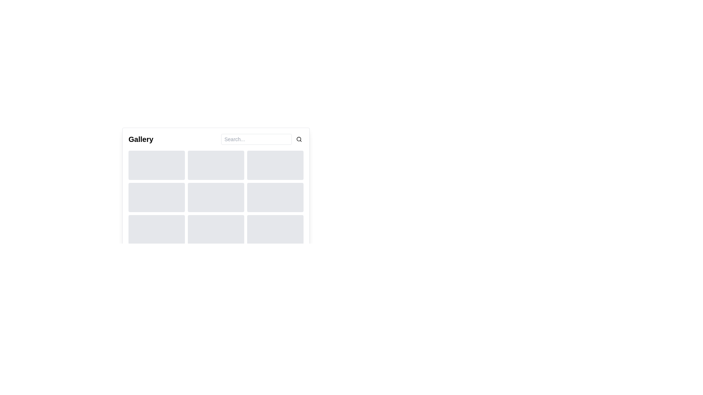 Image resolution: width=703 pixels, height=395 pixels. What do you see at coordinates (299, 139) in the screenshot?
I see `the main circular body of the magnifying glass icon, which initiates a search action when interacted with, located to the right of the text input field in the upper right corner of the gallery interface` at bounding box center [299, 139].